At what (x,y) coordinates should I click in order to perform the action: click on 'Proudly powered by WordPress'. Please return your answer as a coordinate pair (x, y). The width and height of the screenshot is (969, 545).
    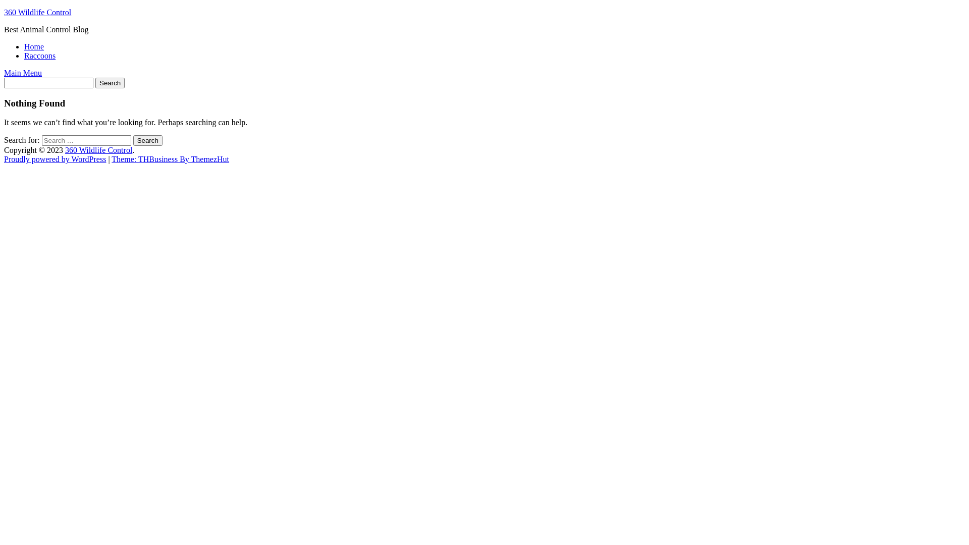
    Looking at the image, I should click on (4, 159).